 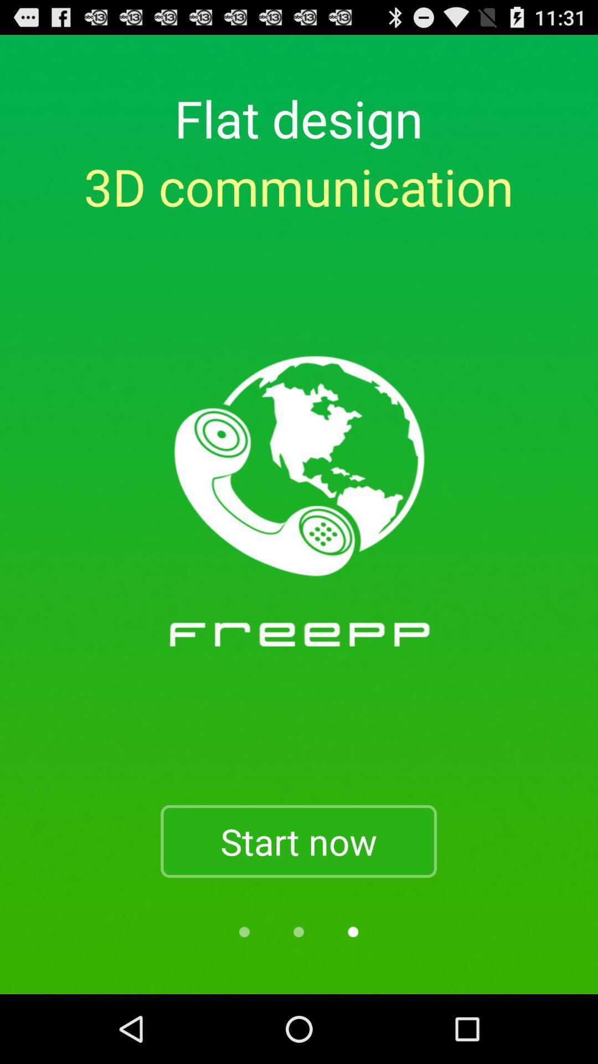 I want to click on next, so click(x=353, y=931).